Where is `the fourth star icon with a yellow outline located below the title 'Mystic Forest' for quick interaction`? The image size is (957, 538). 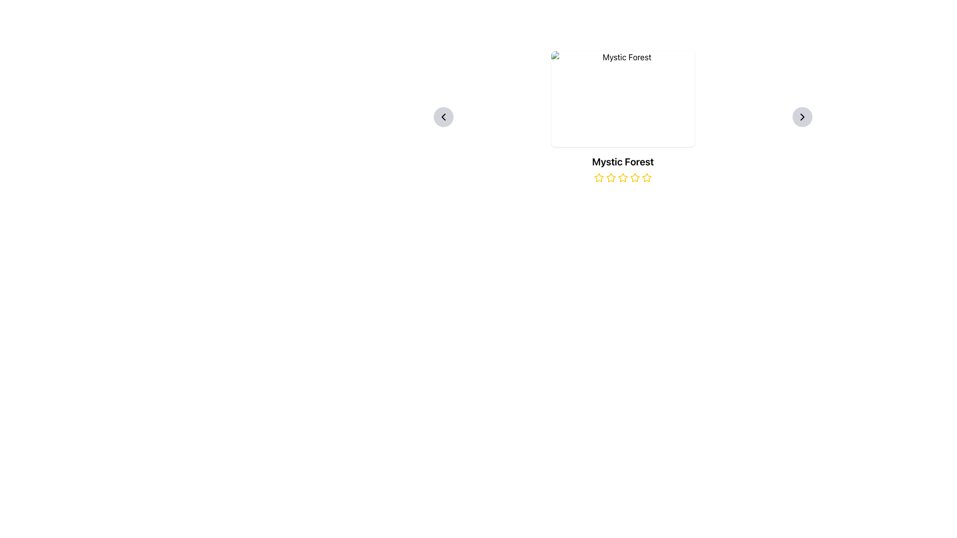
the fourth star icon with a yellow outline located below the title 'Mystic Forest' for quick interaction is located at coordinates (634, 176).